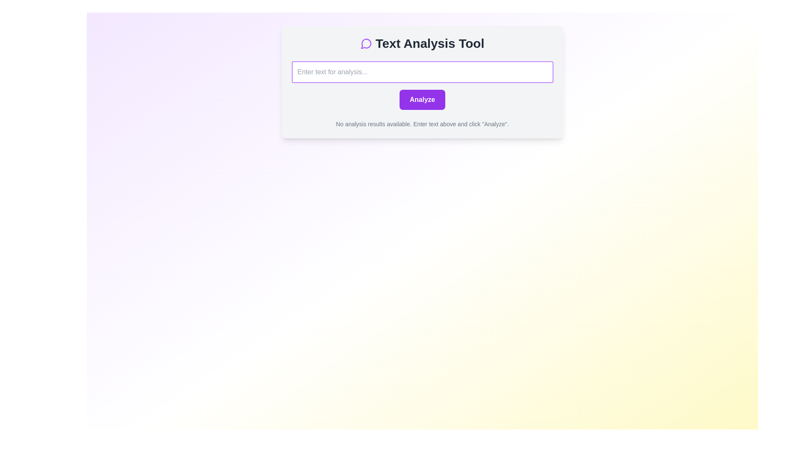 Image resolution: width=805 pixels, height=453 pixels. What do you see at coordinates (366, 44) in the screenshot?
I see `the purple outline speech bubble icon located to the left of the 'Text Analysis Tool' title in the header section` at bounding box center [366, 44].